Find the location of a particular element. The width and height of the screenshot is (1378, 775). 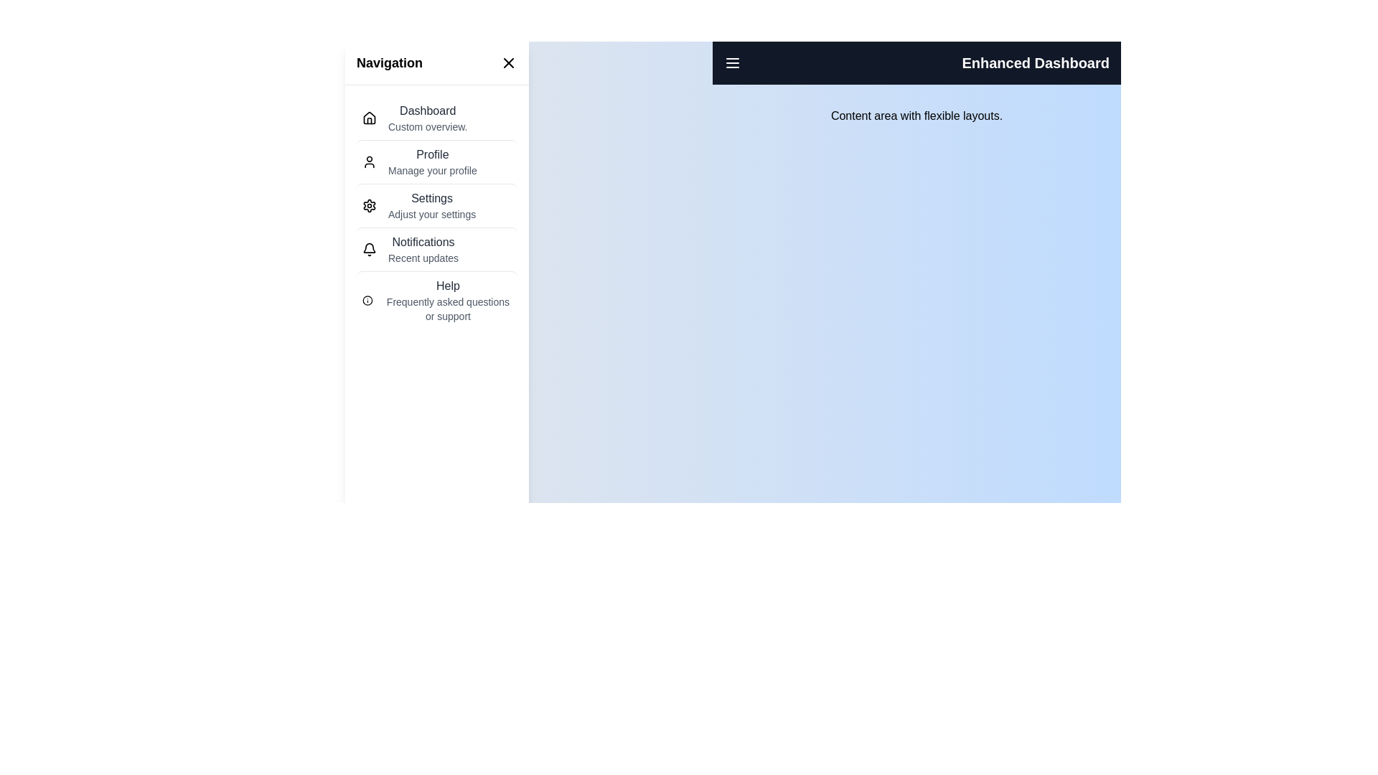

the 'Settings' icon located in the sidebar navigation menu, positioned fourth in the list with the text label 'Settings' next to it is located at coordinates (369, 205).